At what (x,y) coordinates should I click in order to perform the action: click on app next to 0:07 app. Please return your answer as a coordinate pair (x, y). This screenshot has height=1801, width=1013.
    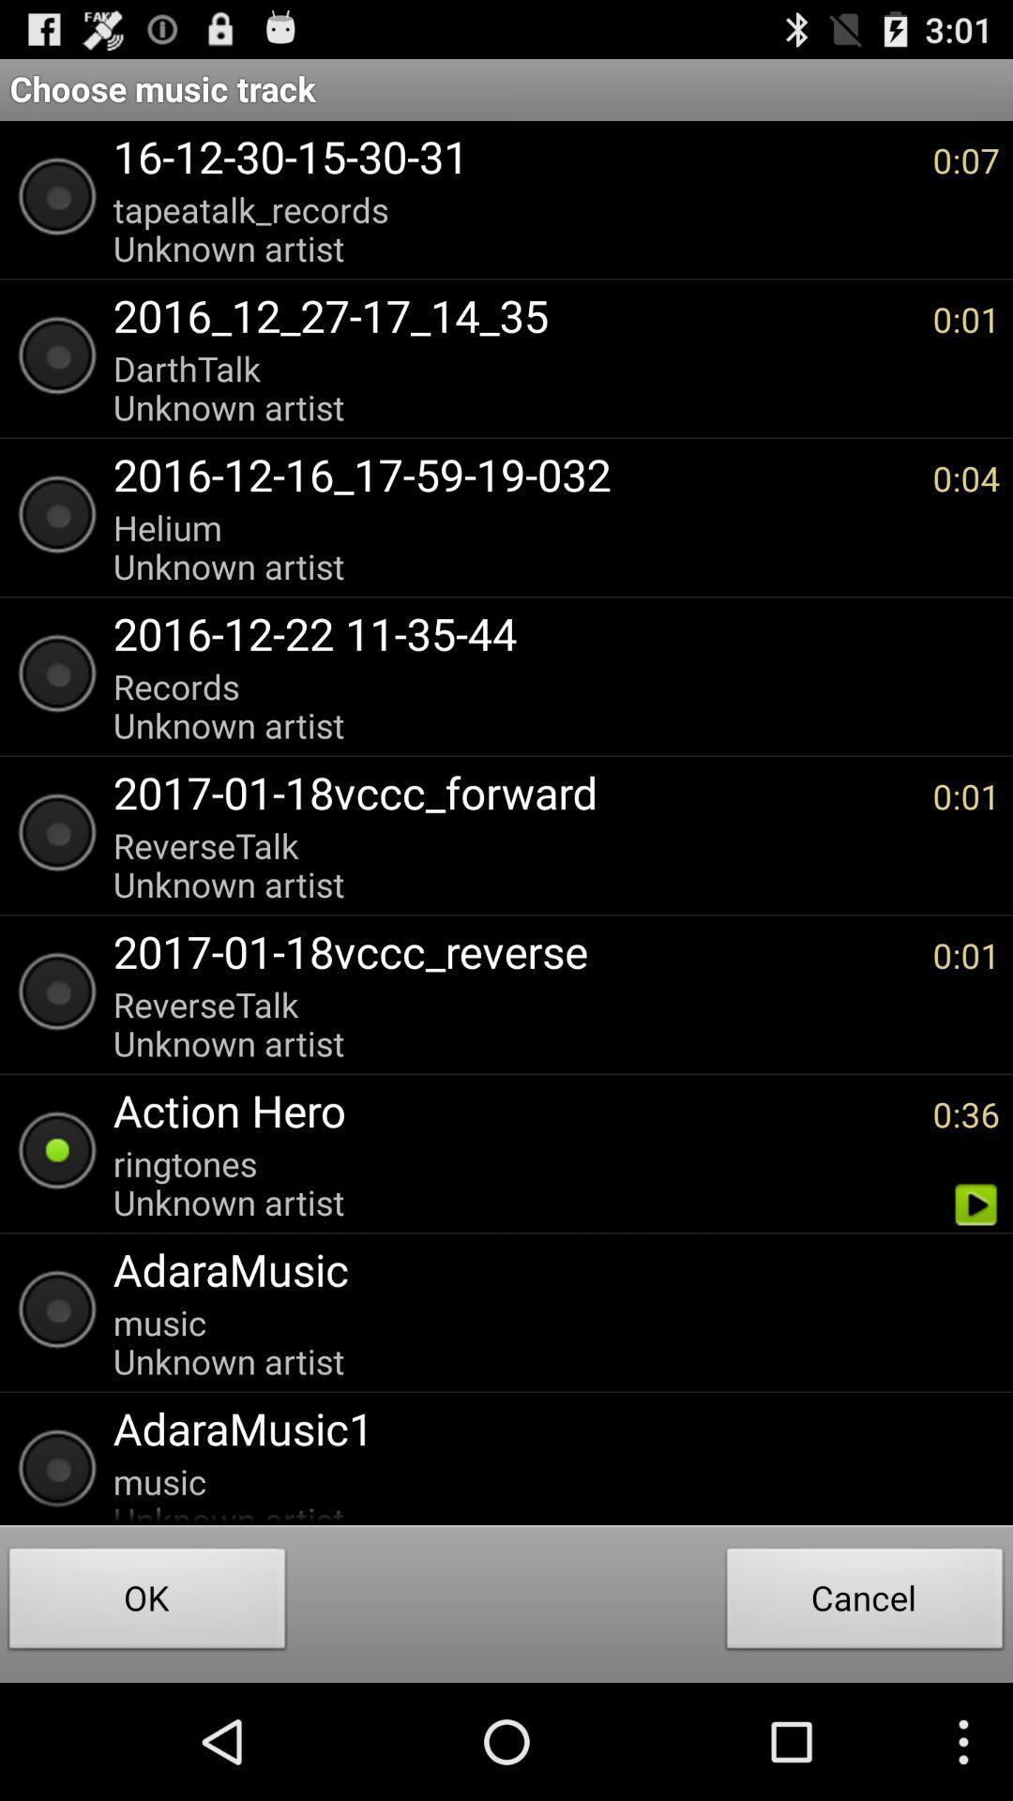
    Looking at the image, I should click on (513, 228).